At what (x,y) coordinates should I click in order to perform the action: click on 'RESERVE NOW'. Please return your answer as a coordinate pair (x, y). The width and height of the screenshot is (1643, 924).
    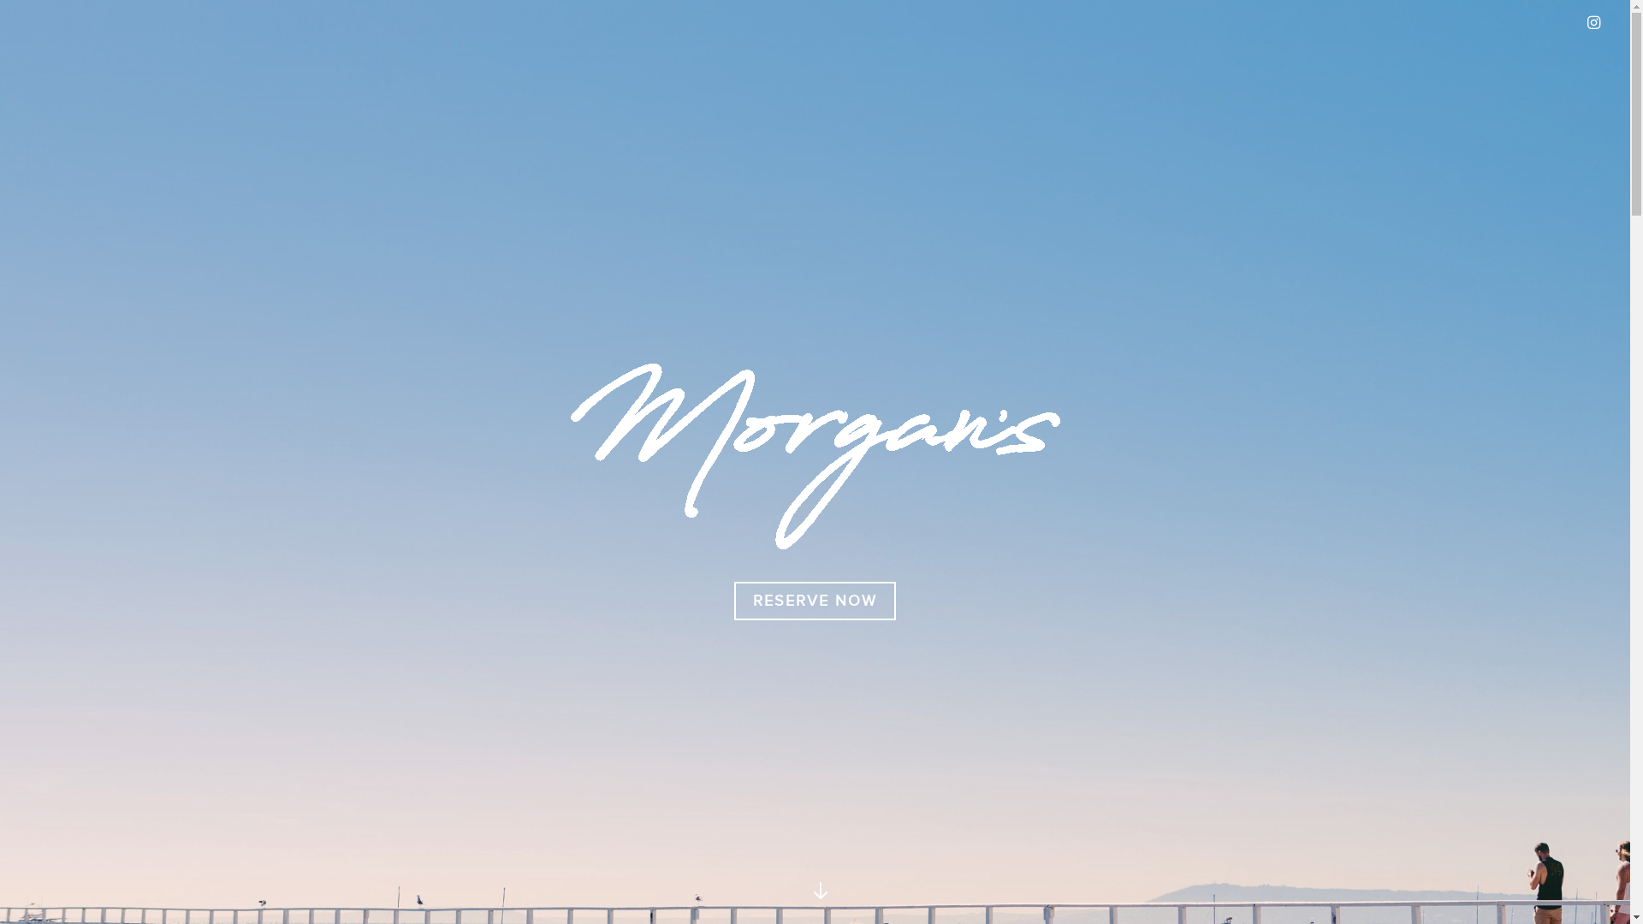
    Looking at the image, I should click on (734, 600).